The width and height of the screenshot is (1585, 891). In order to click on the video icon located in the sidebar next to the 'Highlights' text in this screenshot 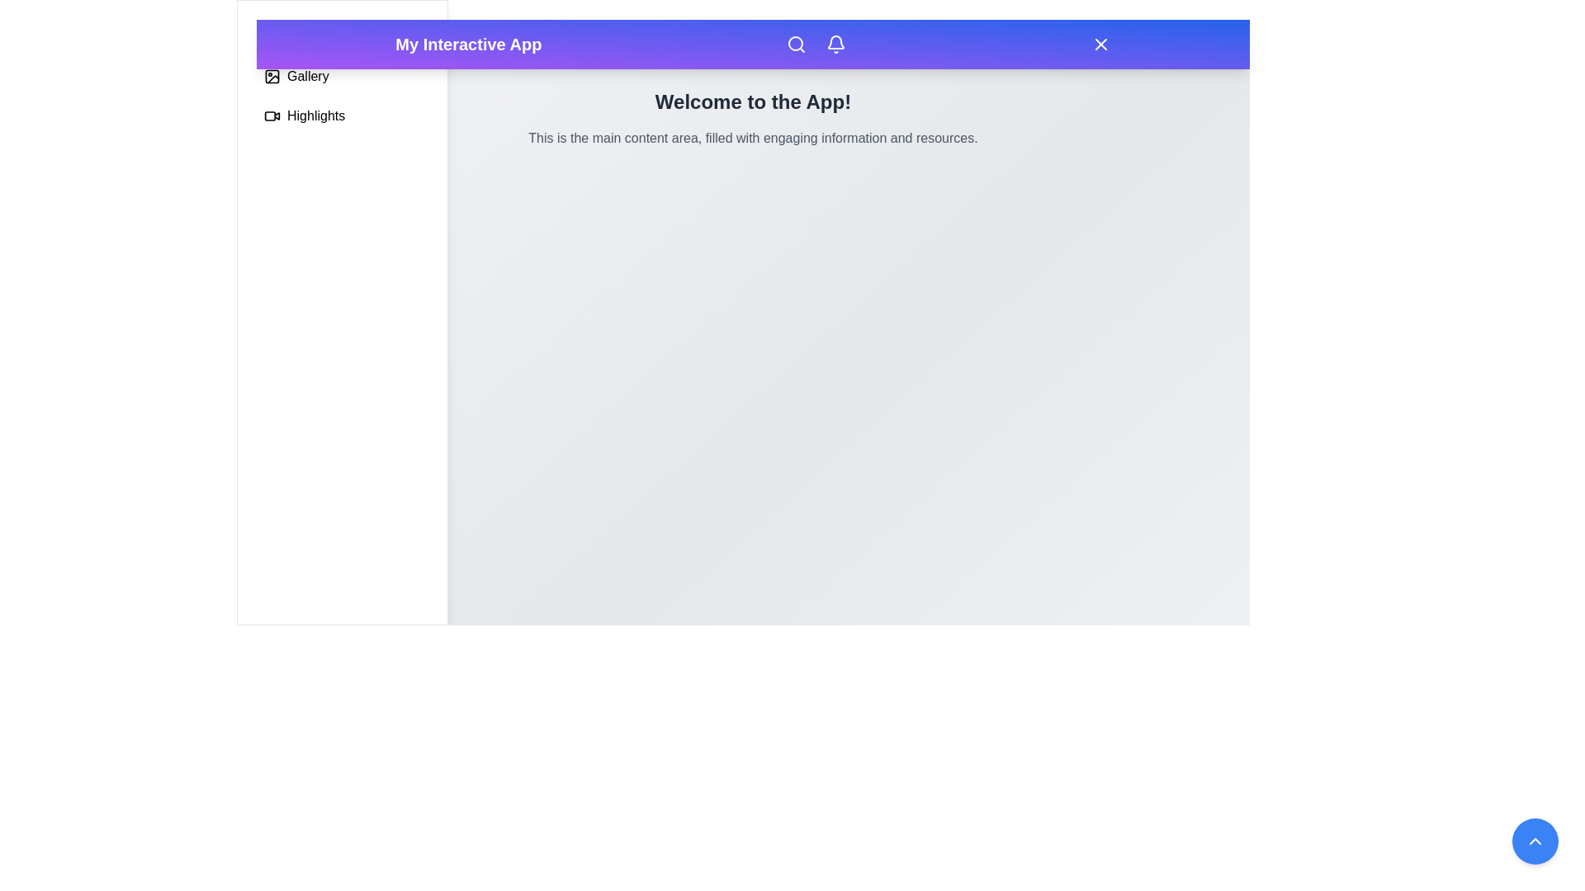, I will do `click(270, 115)`.